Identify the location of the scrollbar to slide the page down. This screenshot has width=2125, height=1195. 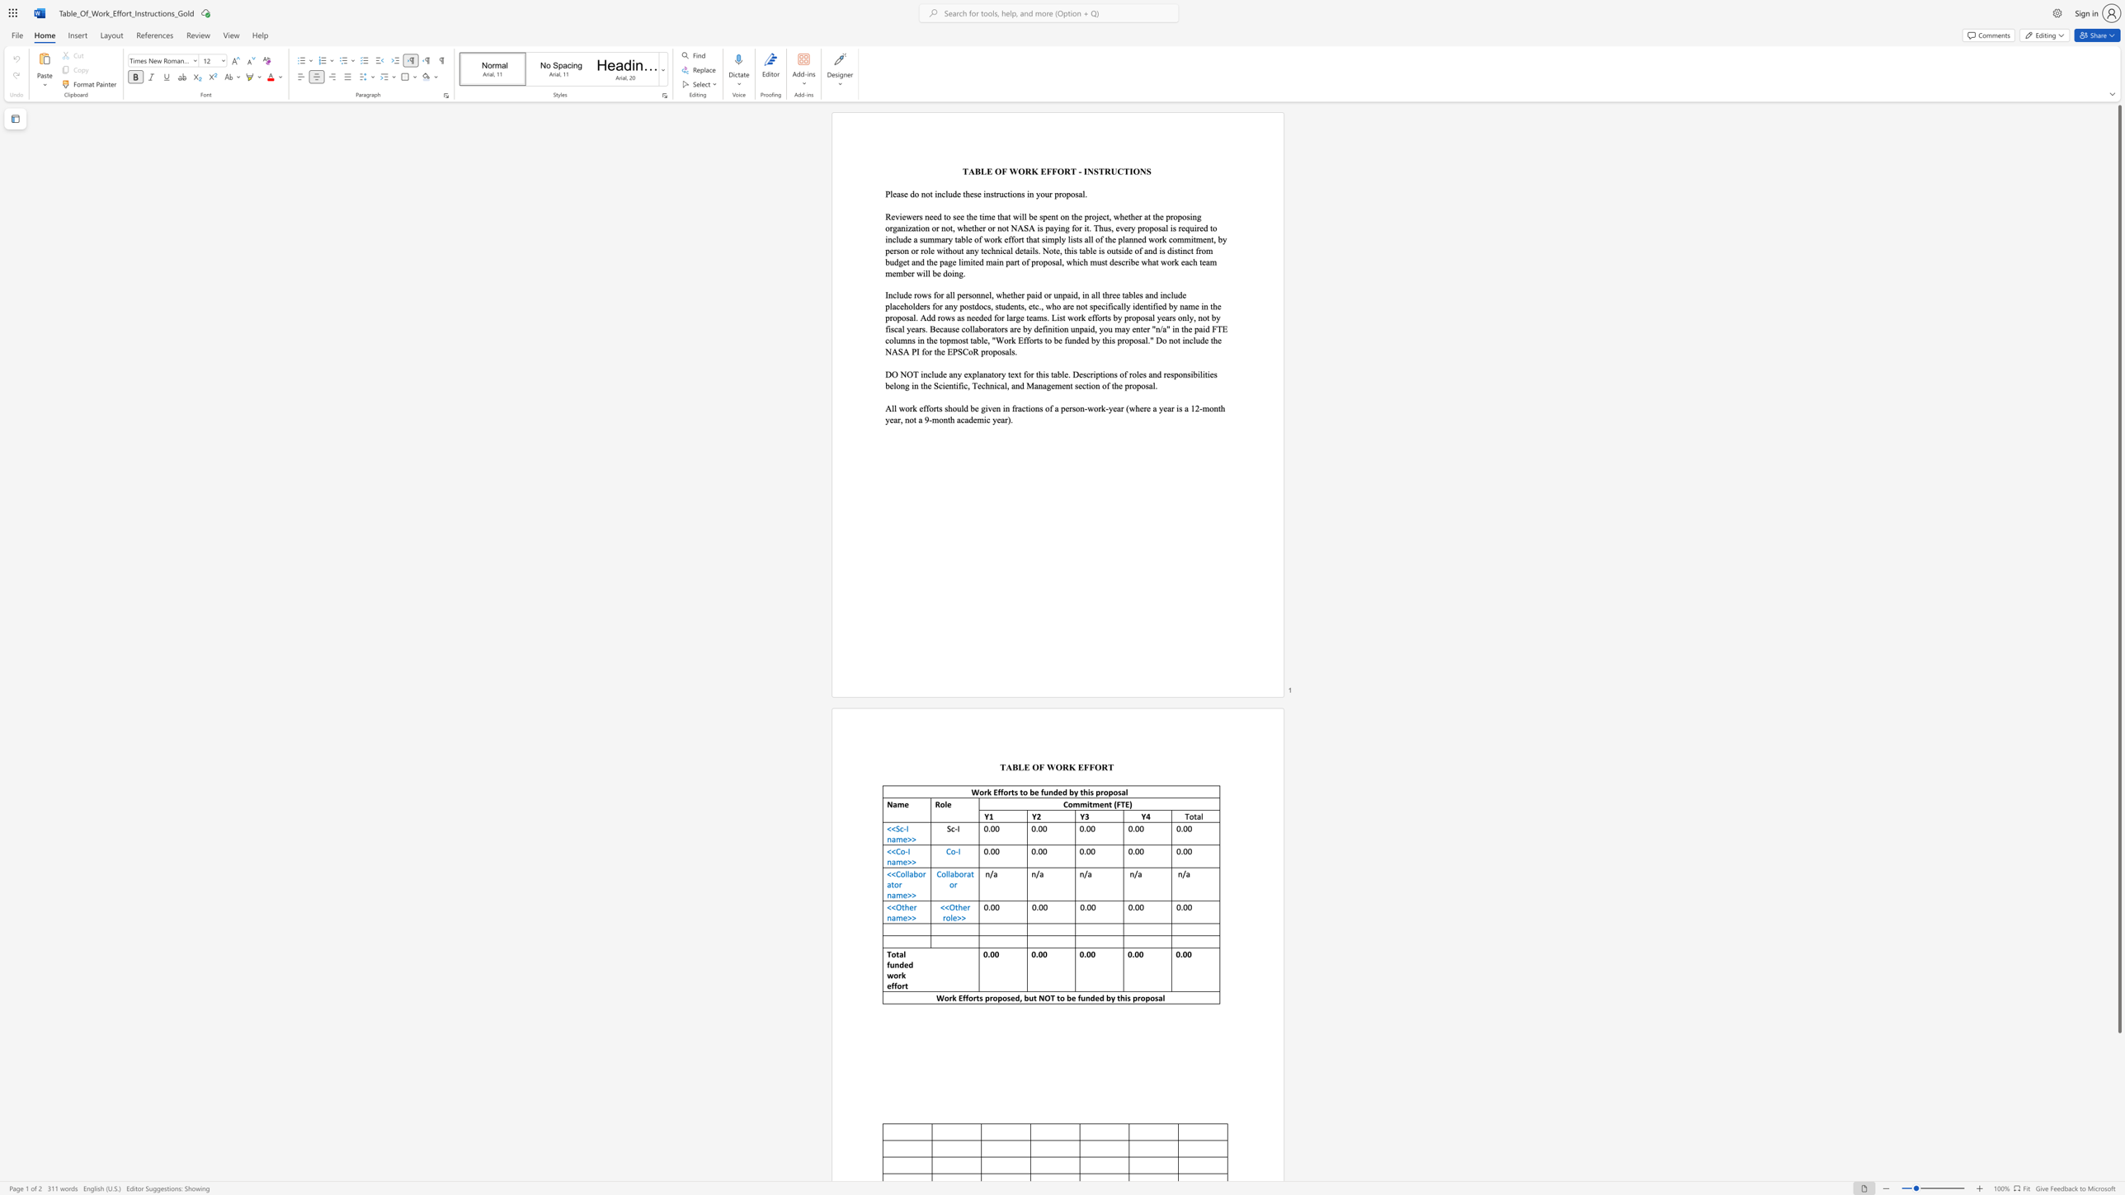
(2118, 1160).